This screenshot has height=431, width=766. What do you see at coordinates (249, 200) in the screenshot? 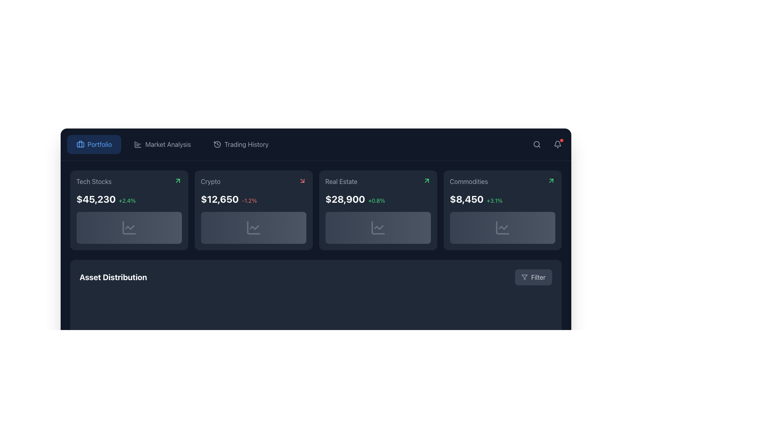
I see `the text label indicating the percentage change associated with the value '$12,650', located to the right of it in the second tile of the grid layout under the 'Crypto' heading` at bounding box center [249, 200].